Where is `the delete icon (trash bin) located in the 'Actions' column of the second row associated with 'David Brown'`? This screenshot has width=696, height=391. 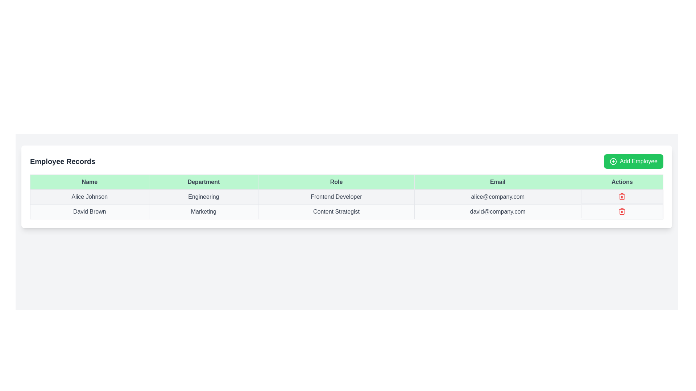
the delete icon (trash bin) located in the 'Actions' column of the second row associated with 'David Brown' is located at coordinates (622, 212).